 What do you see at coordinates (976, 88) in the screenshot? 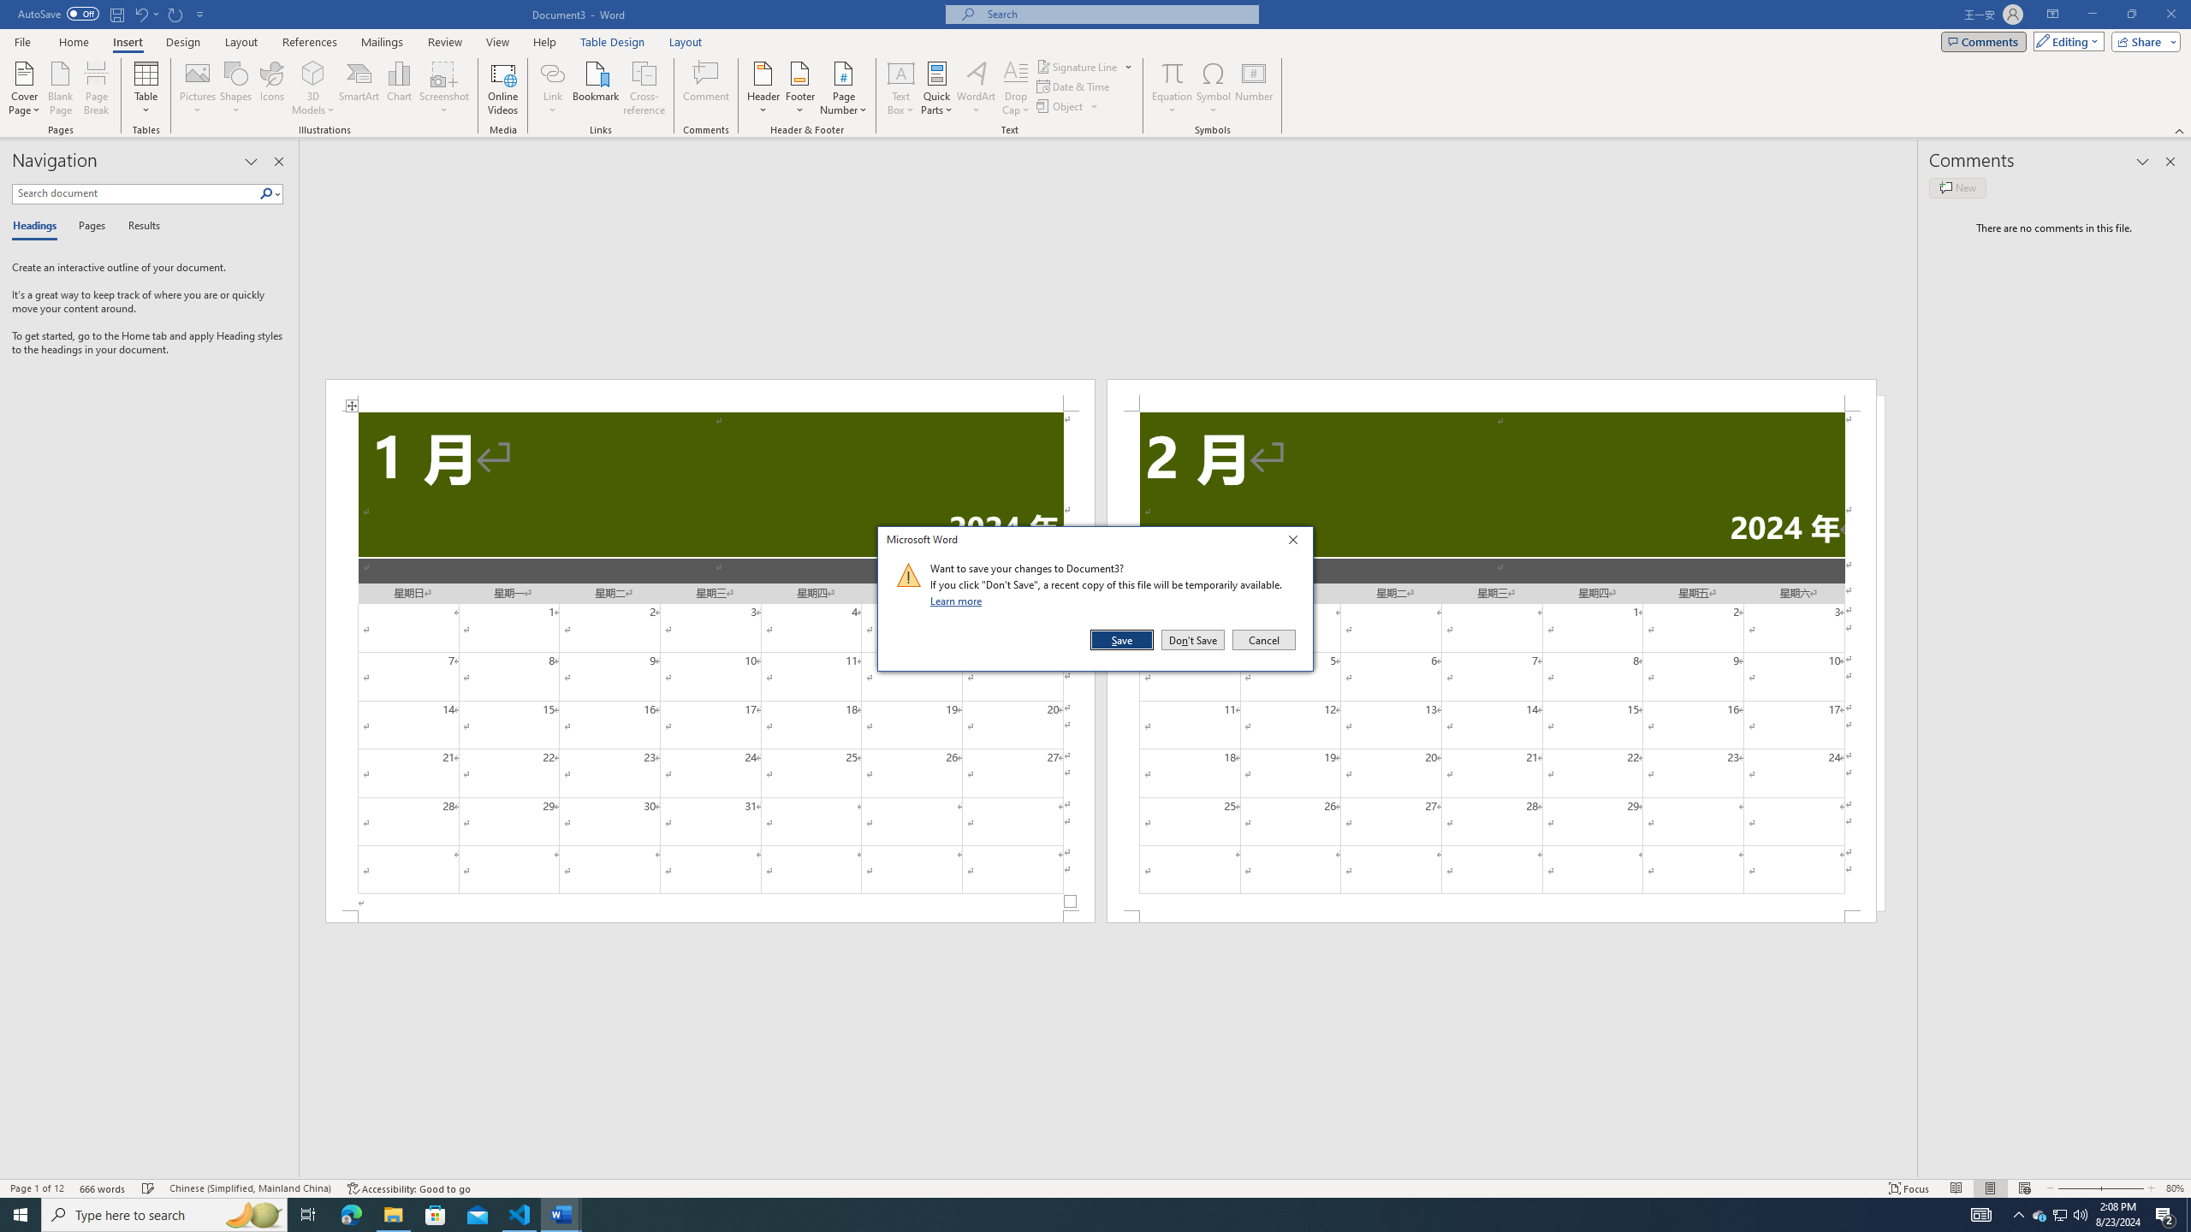
I see `'WordArt'` at bounding box center [976, 88].